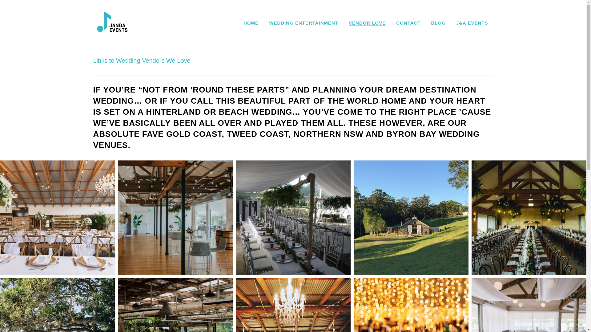  I want to click on 'J&A EVENTS', so click(472, 22).